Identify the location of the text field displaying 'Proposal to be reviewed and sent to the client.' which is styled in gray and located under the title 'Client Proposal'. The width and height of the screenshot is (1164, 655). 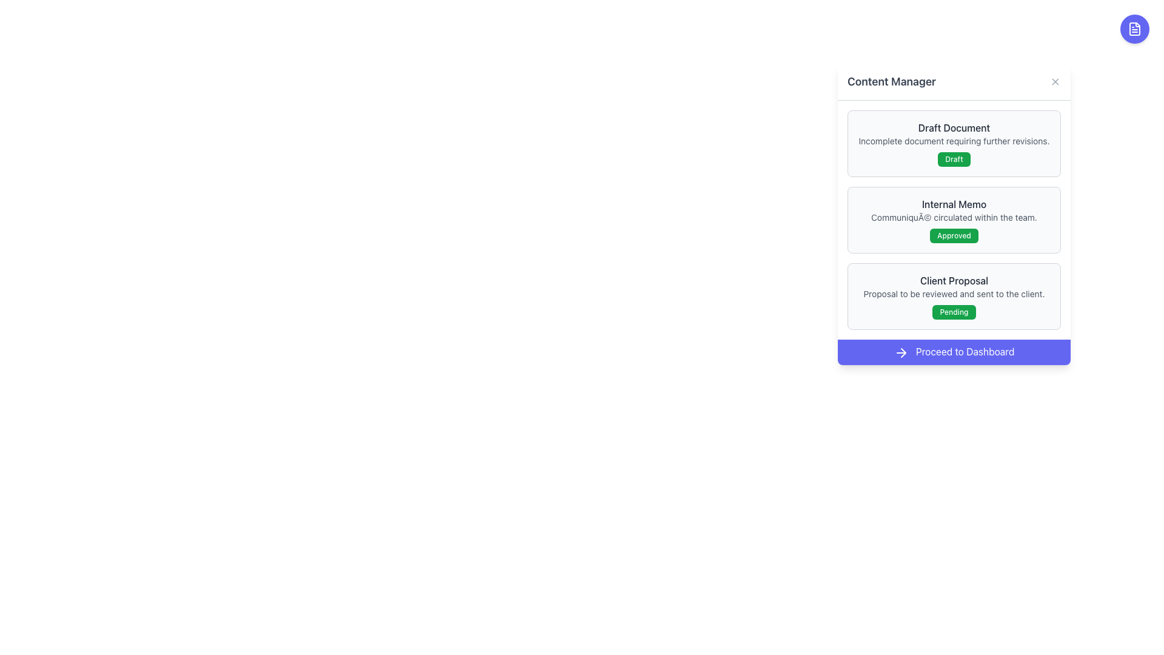
(954, 294).